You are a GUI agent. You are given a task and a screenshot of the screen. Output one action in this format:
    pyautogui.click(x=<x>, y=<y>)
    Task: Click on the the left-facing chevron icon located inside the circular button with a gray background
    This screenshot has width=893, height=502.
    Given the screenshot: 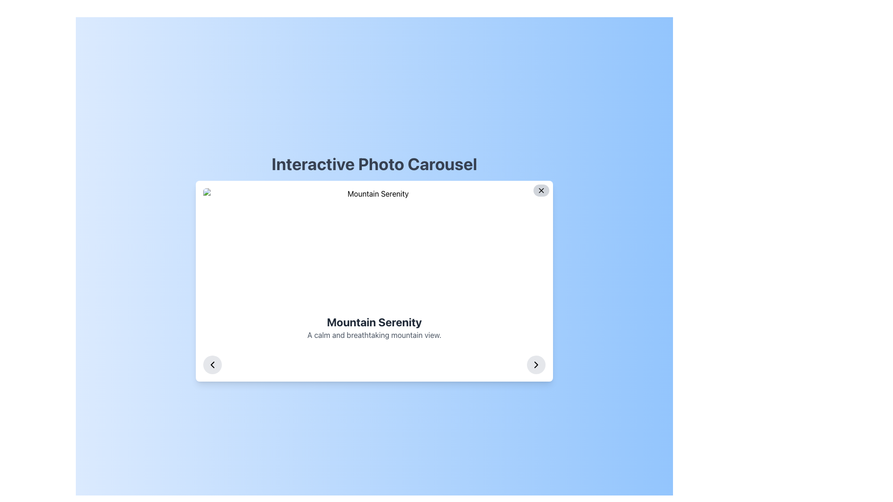 What is the action you would take?
    pyautogui.click(x=212, y=364)
    